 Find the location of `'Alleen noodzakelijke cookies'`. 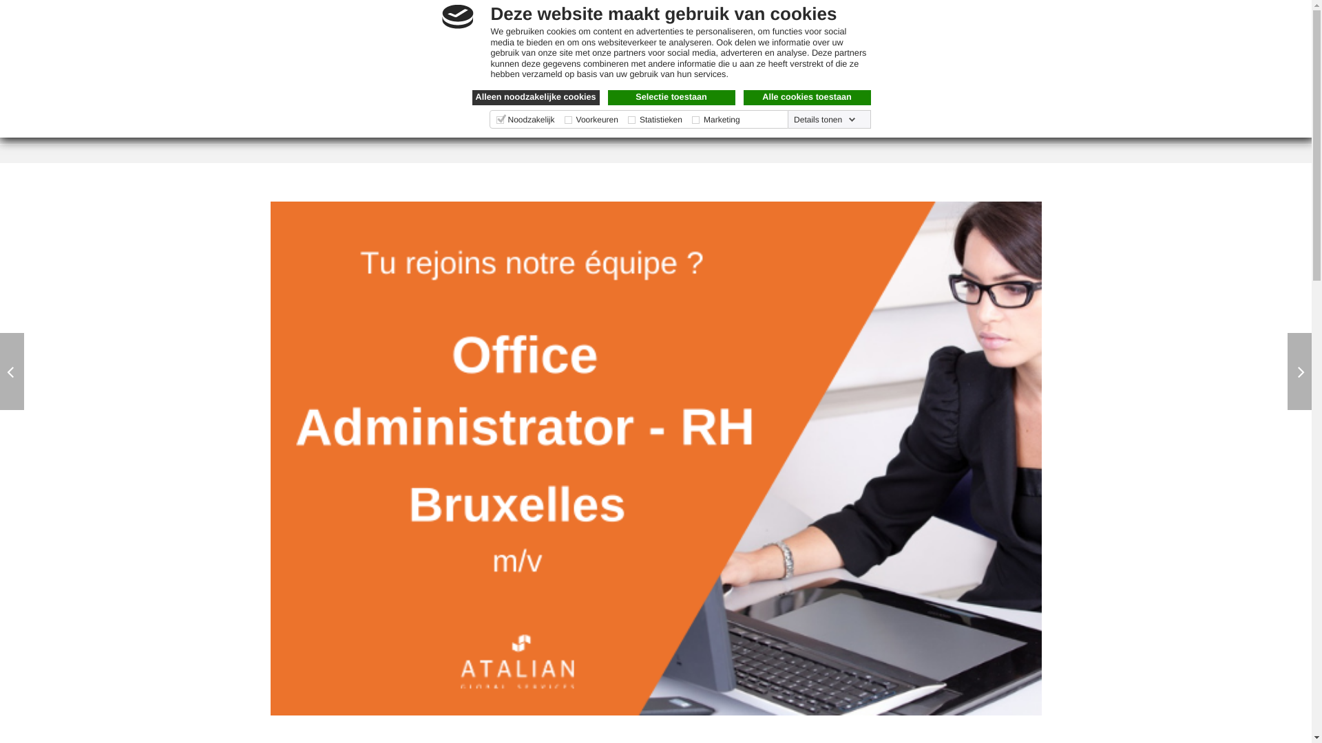

'Alleen noodzakelijke cookies' is located at coordinates (535, 97).